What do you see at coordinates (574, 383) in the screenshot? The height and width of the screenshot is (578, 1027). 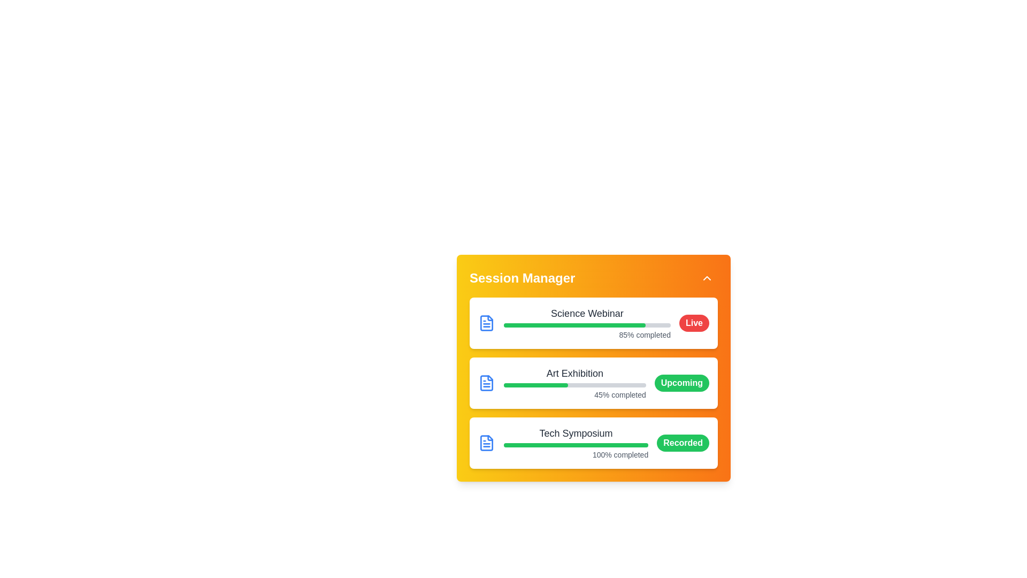 I see `the progress represented by the Progress bar with caption for the 'Art Exhibition' activity, which is centrally located in the middle card of the interface` at bounding box center [574, 383].